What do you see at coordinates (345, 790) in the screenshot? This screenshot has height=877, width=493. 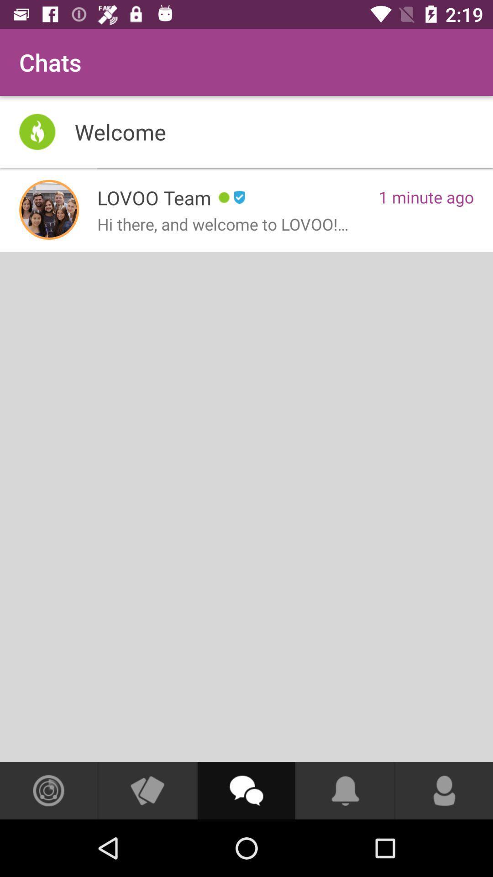 I see `turn on notifications` at bounding box center [345, 790].